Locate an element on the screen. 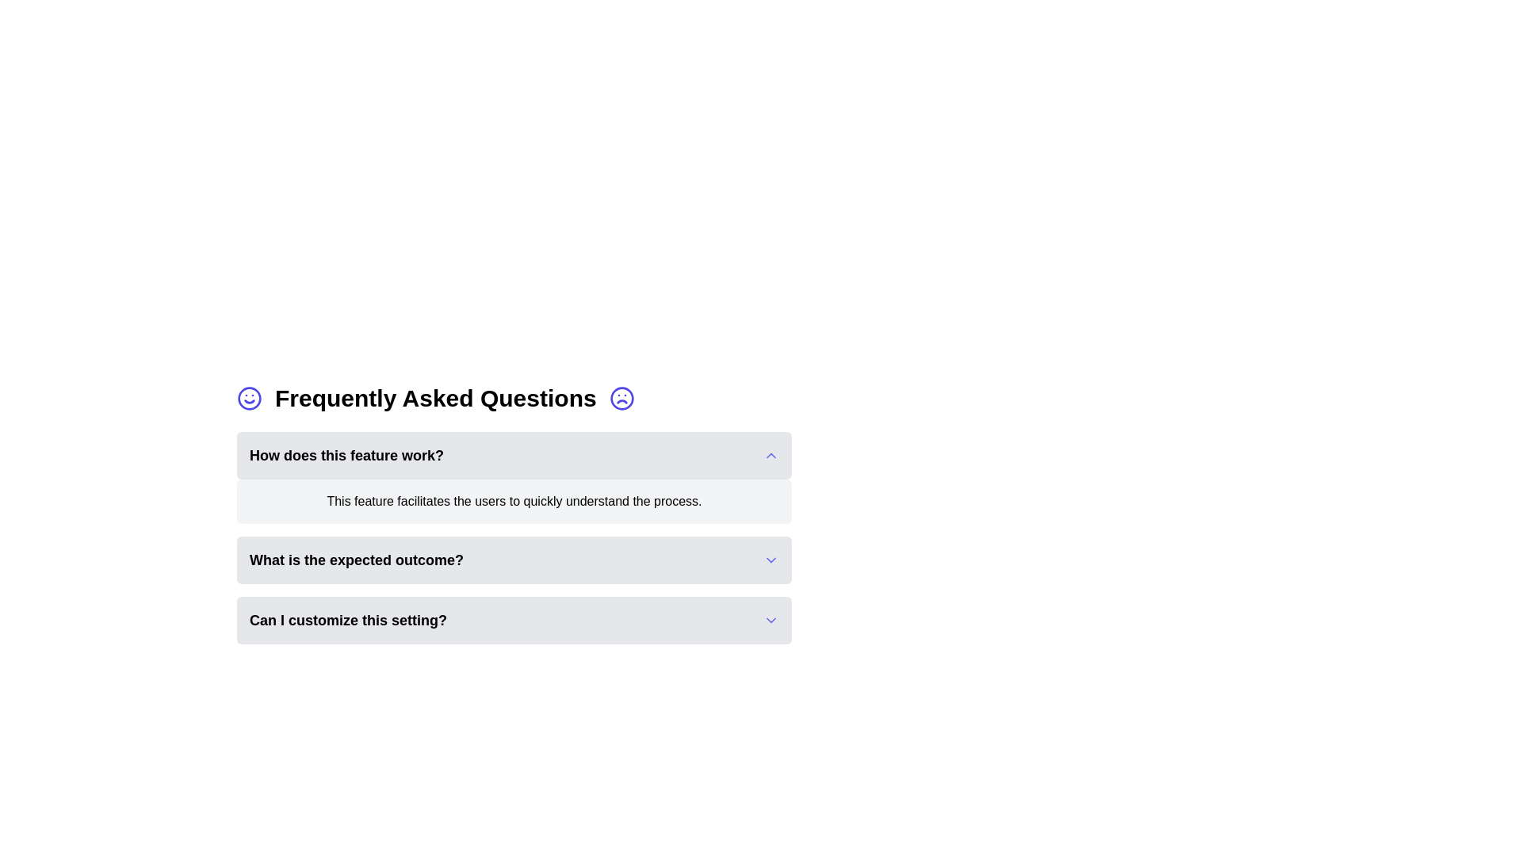 The width and height of the screenshot is (1522, 856). the main text label in the second collapsible section of the FAQ interface, which serves as a prompt for related content is located at coordinates (356, 559).